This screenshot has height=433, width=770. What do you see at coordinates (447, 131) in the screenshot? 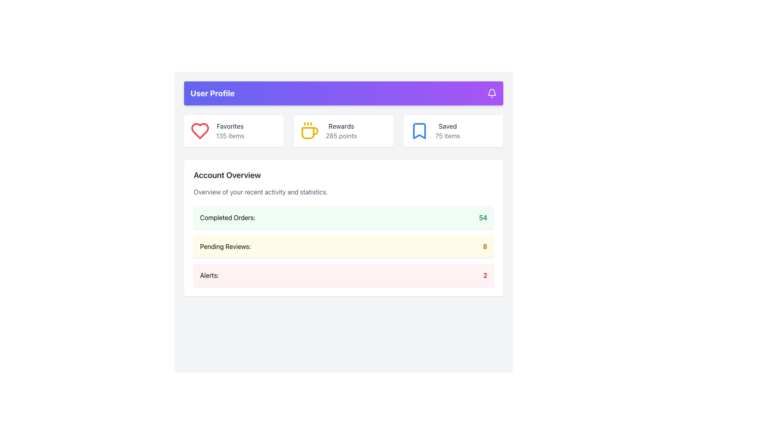
I see `the Text Display Component that shows the count of saved items (75) located in the upper right corner, near 'Favorites' and 'Rewards'` at bounding box center [447, 131].